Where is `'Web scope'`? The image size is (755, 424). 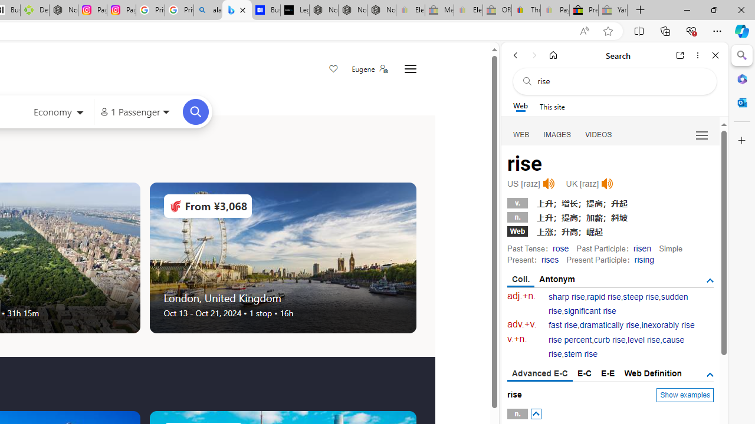
'Web scope' is located at coordinates (520, 106).